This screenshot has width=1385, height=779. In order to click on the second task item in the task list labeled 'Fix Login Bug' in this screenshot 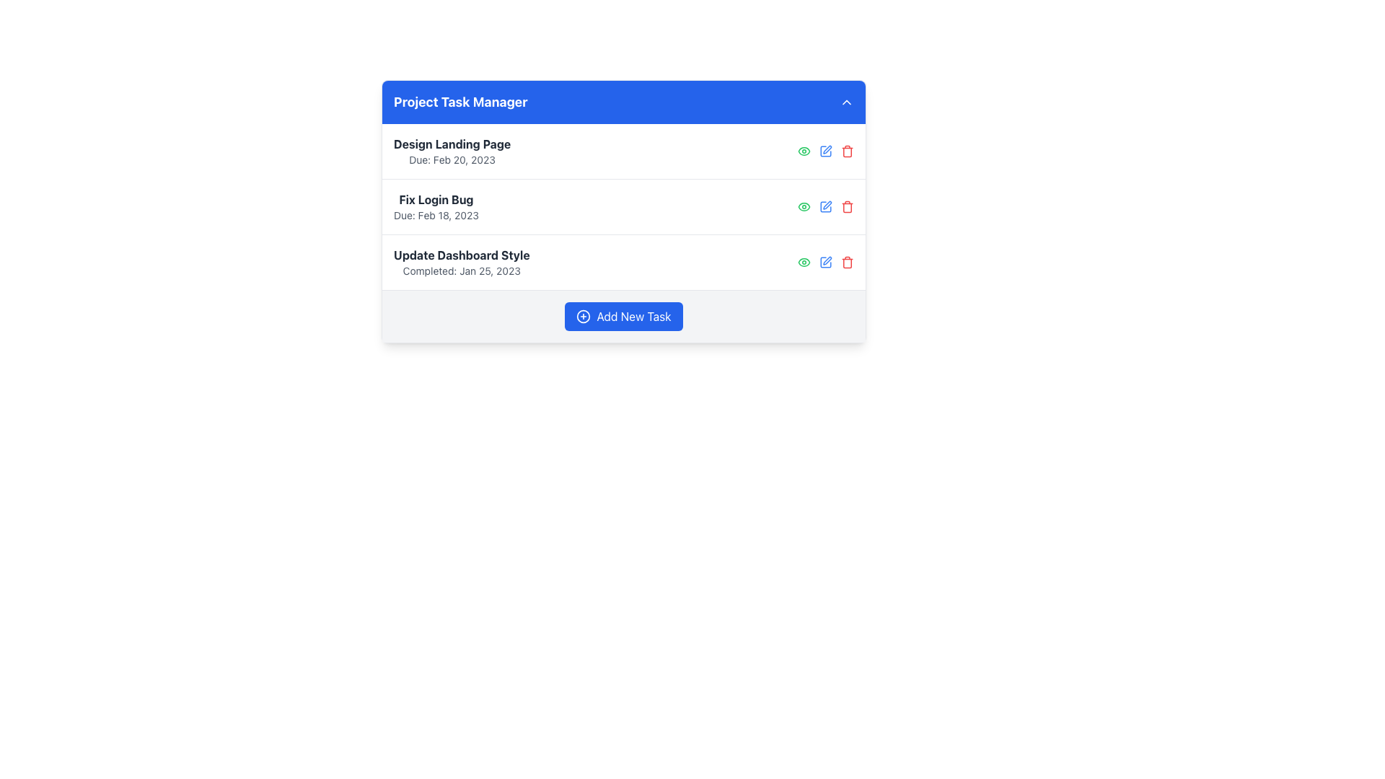, I will do `click(435, 206)`.